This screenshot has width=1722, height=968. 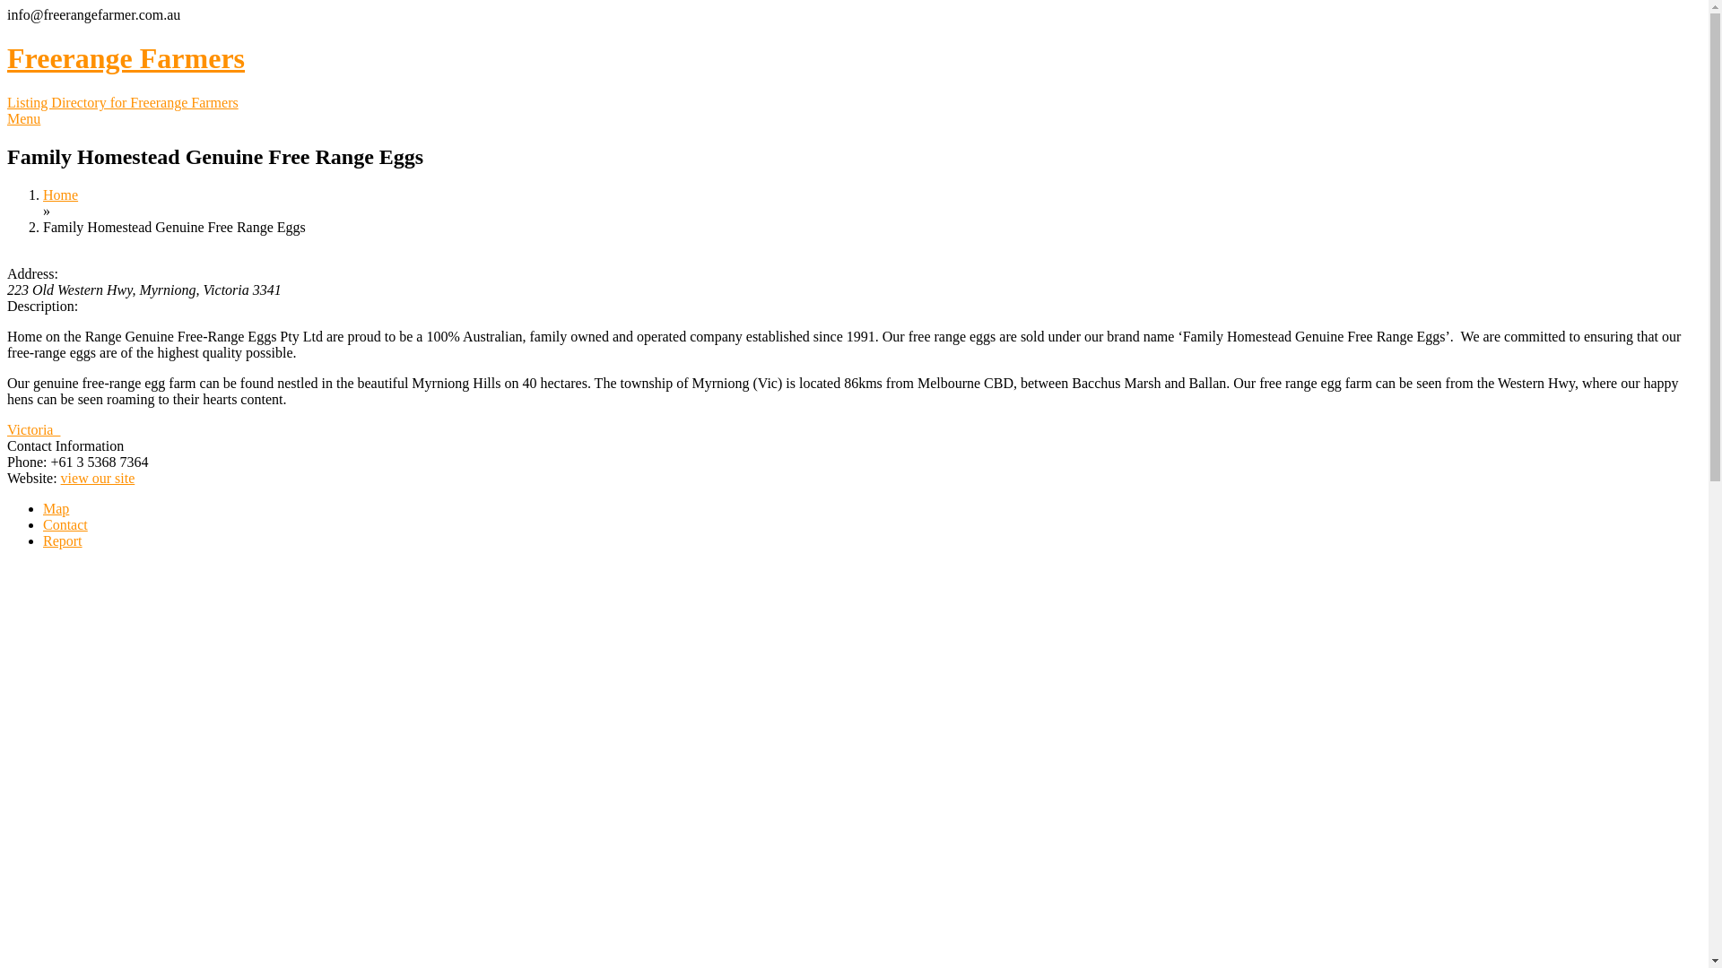 I want to click on 'Report', so click(x=63, y=540).